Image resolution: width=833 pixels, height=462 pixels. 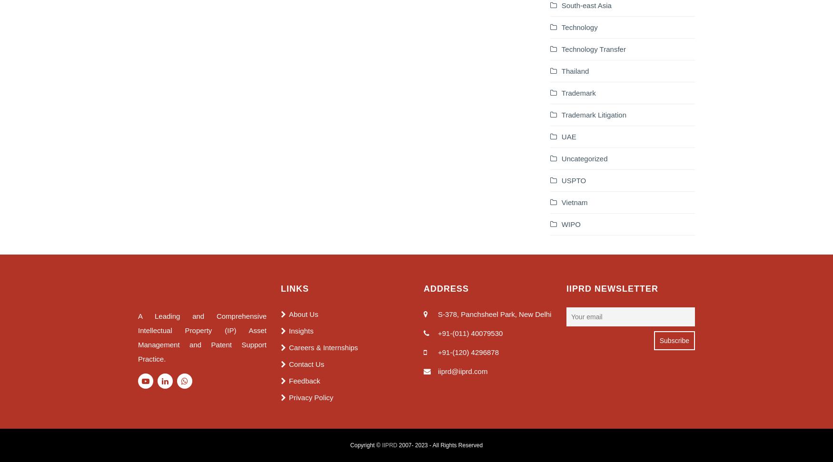 What do you see at coordinates (470, 333) in the screenshot?
I see `'+91-(011) 40079530'` at bounding box center [470, 333].